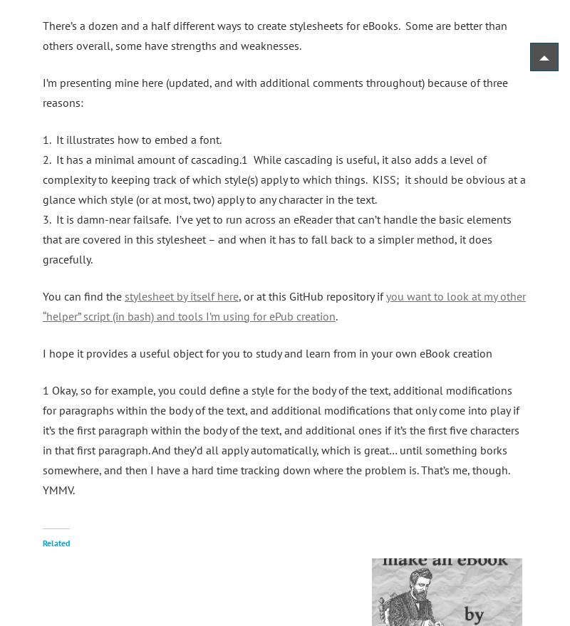  What do you see at coordinates (276, 237) in the screenshot?
I see `'3.  It is damn-near failsafe.  I’ve yet to run across an eReader that can’t handle the basic elements that are covered in this stylesheet – and when it has to fall back to a simpler method, it does gracefully.'` at bounding box center [276, 237].